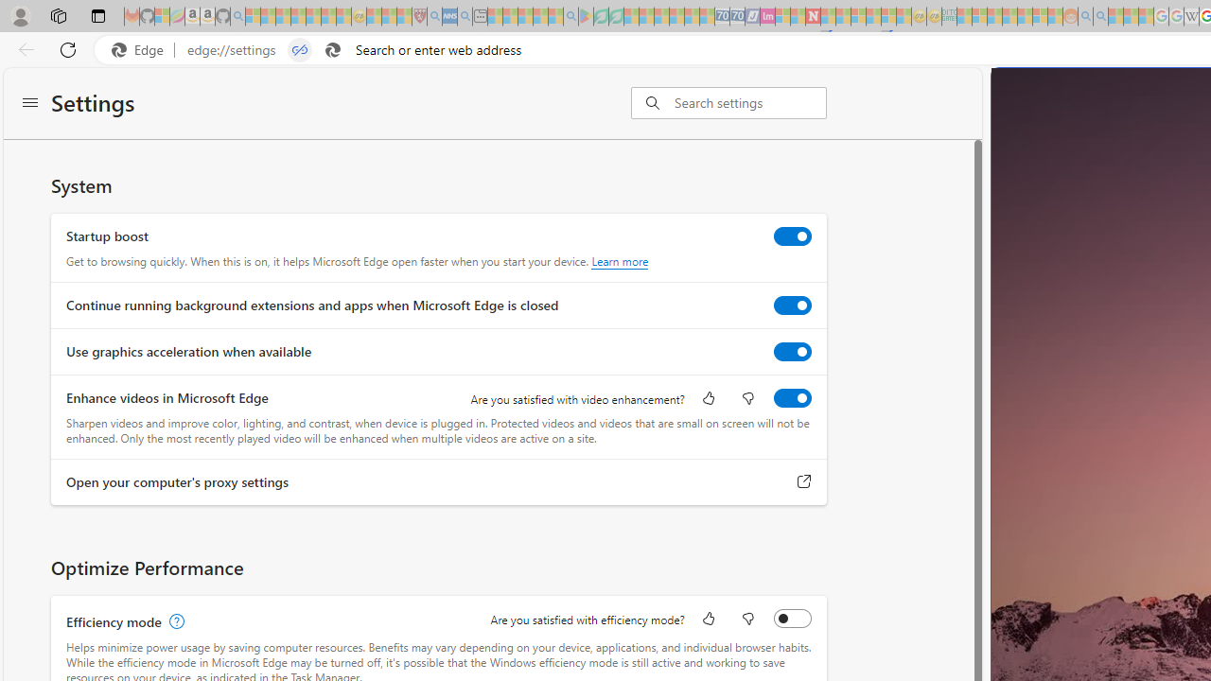 The width and height of the screenshot is (1211, 681). What do you see at coordinates (748, 103) in the screenshot?
I see `'Search settings'` at bounding box center [748, 103].